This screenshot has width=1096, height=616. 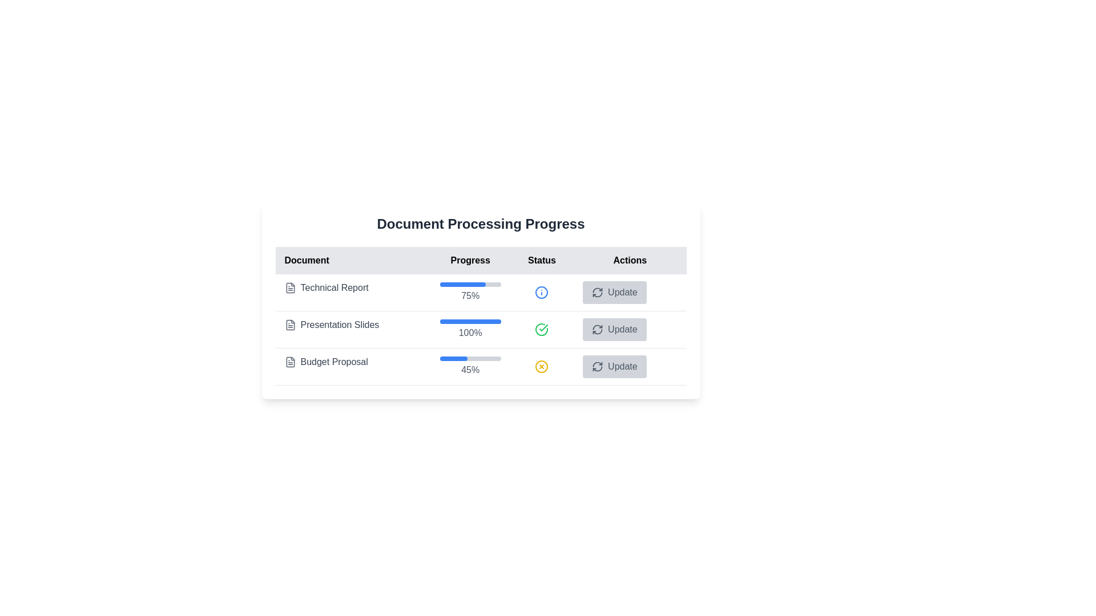 I want to click on the green circular icon with a checkmark inside located in the 'Status' column of the 'Presentation Slides' table row, so click(x=541, y=330).